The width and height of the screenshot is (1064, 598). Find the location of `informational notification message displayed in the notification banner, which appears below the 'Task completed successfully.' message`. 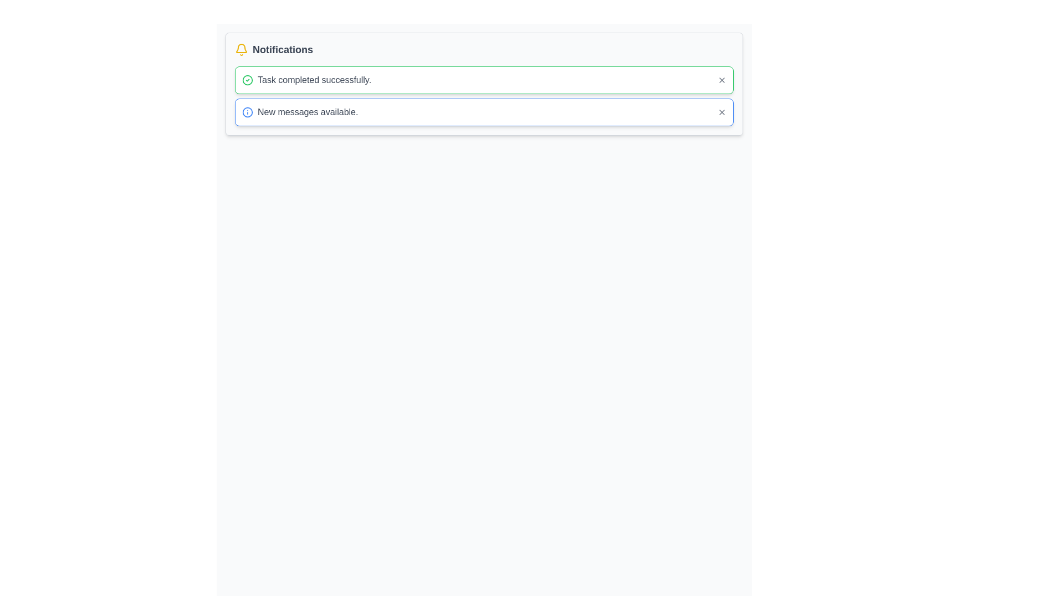

informational notification message displayed in the notification banner, which appears below the 'Task completed successfully.' message is located at coordinates (484, 112).